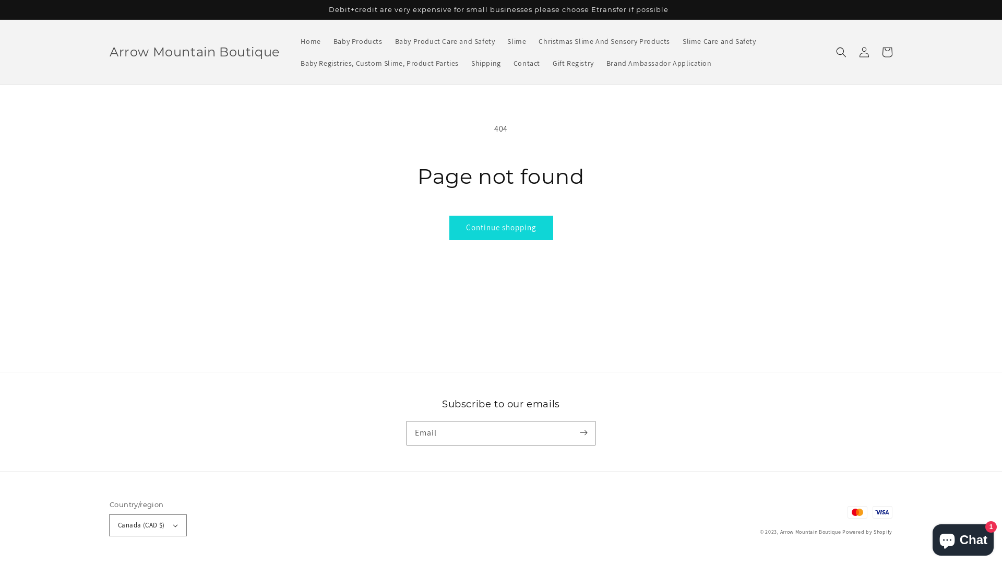 This screenshot has height=564, width=1002. I want to click on 'Baby Registries, Custom Slime, Product Parties', so click(379, 63).